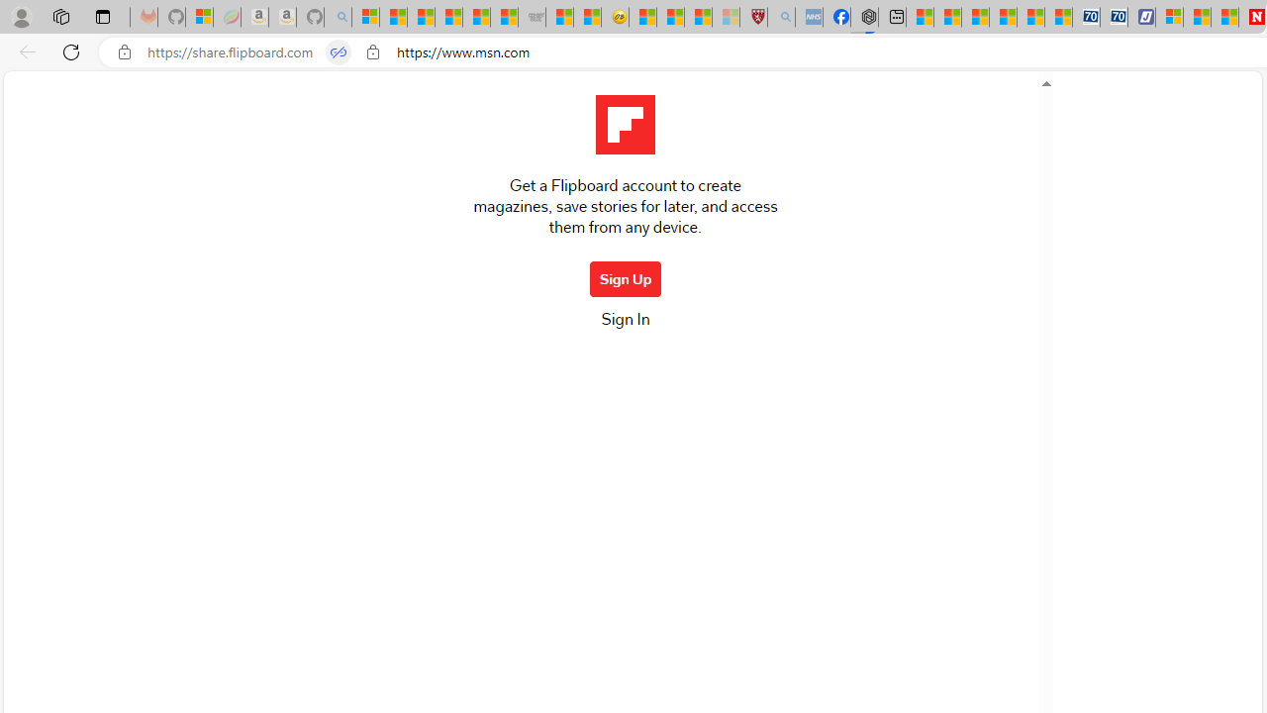 Image resolution: width=1267 pixels, height=713 pixels. What do you see at coordinates (420, 17) in the screenshot?
I see `'The Weather Channel - MSN'` at bounding box center [420, 17].